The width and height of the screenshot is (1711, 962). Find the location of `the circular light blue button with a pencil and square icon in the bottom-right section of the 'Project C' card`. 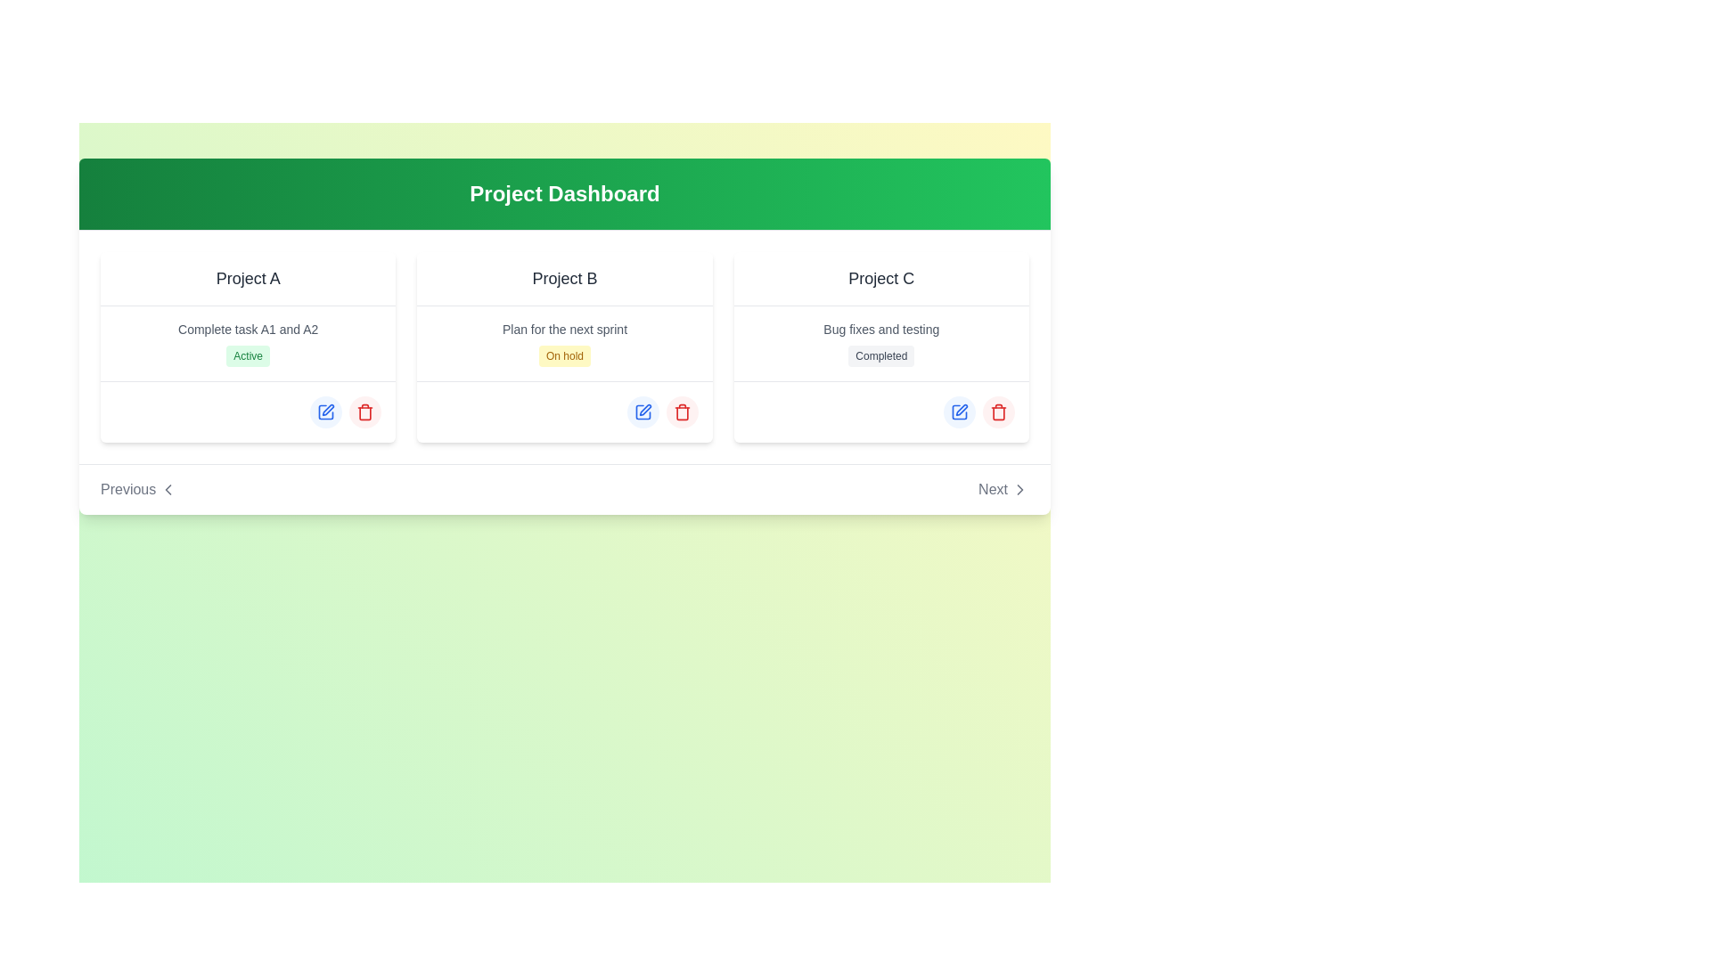

the circular light blue button with a pencil and square icon in the bottom-right section of the 'Project C' card is located at coordinates (958, 412).